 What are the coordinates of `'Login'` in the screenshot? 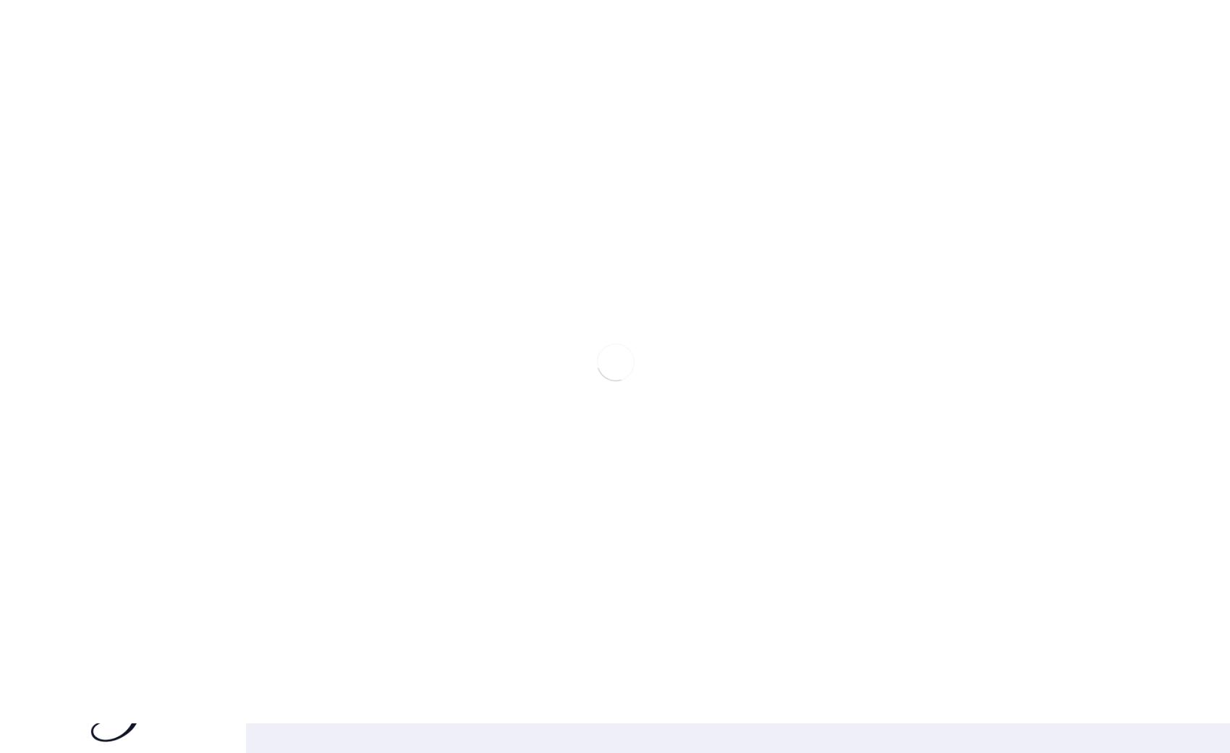 It's located at (17, 120).